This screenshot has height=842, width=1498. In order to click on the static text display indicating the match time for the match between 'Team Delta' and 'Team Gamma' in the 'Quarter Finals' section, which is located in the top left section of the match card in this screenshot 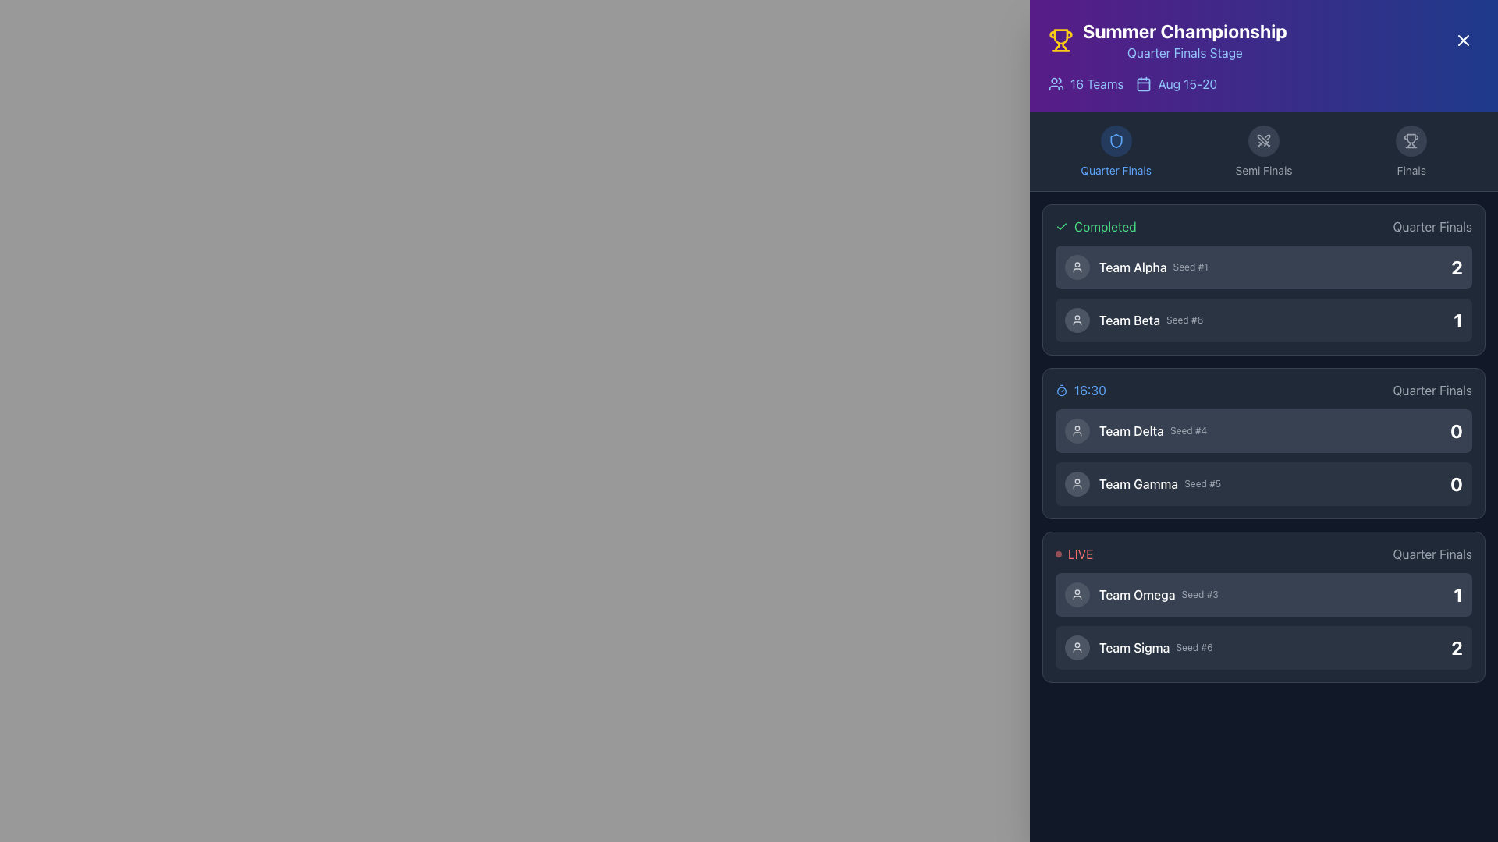, I will do `click(1080, 390)`.